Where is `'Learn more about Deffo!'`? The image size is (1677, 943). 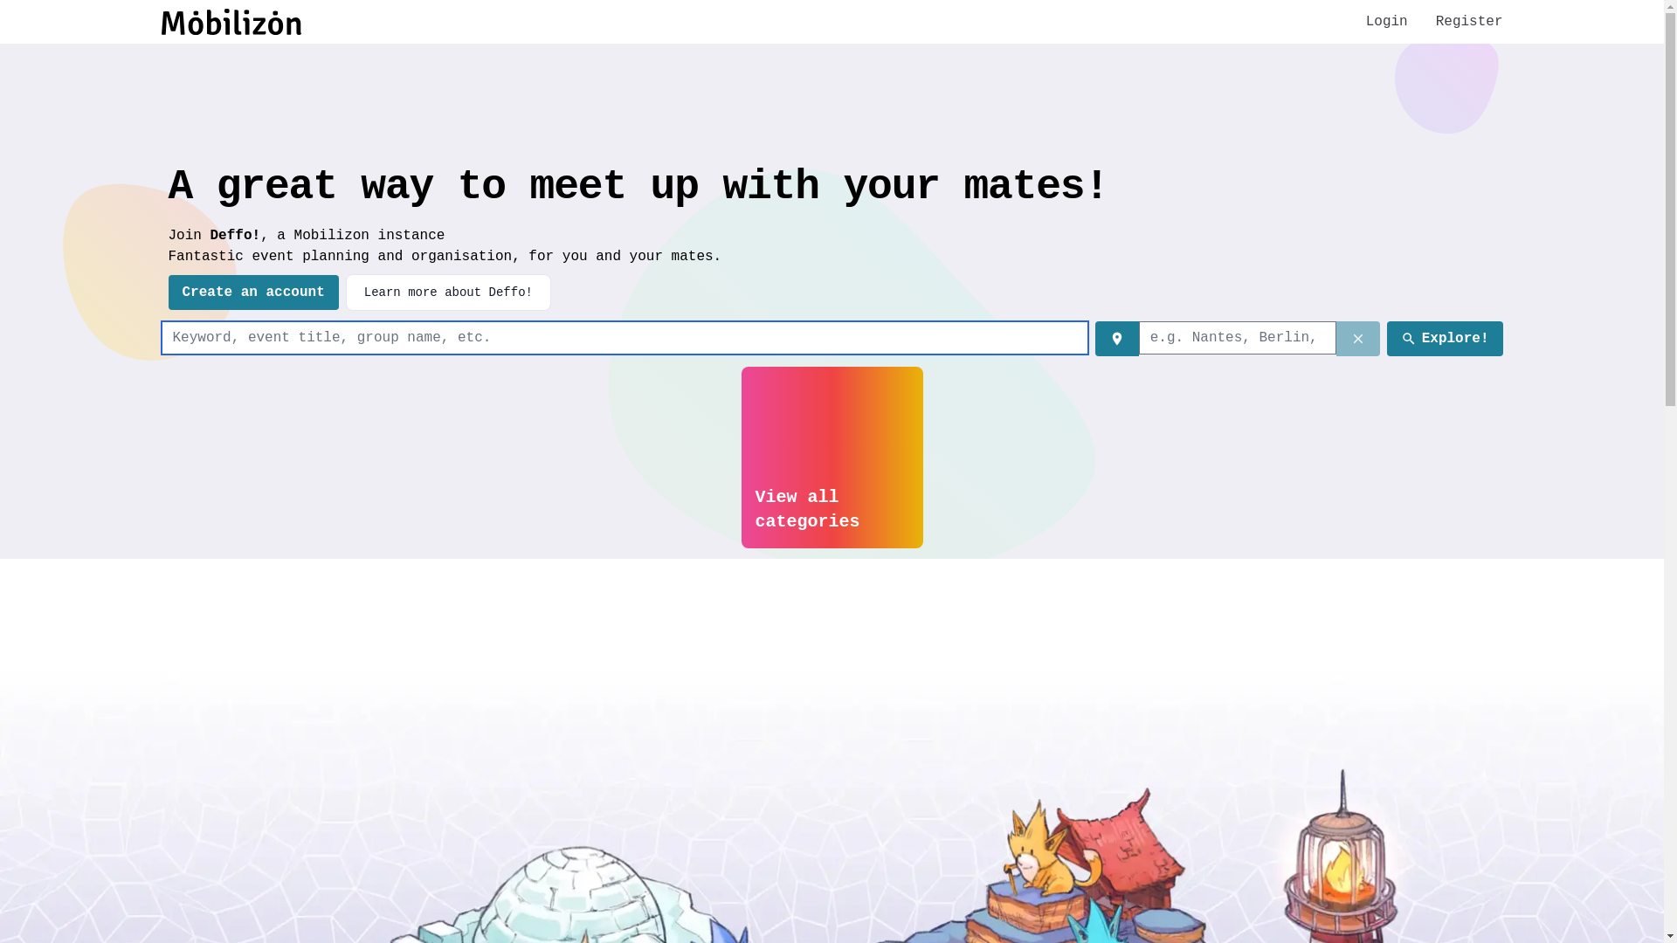 'Learn more about Deffo!' is located at coordinates (345, 292).